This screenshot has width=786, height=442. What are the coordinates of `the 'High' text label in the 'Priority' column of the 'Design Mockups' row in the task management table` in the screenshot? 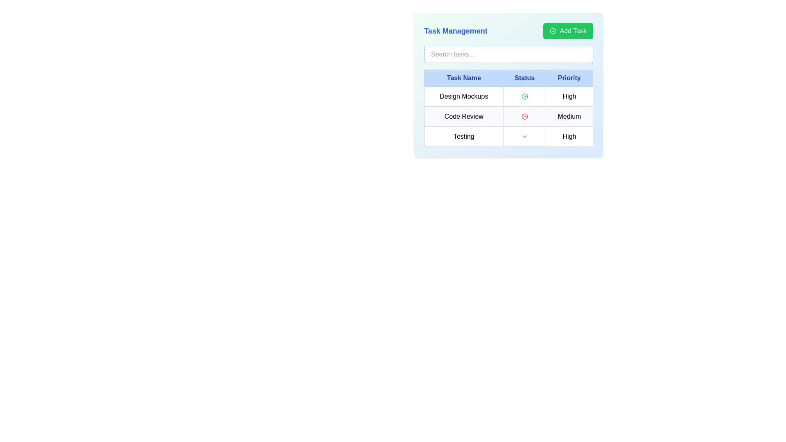 It's located at (569, 96).